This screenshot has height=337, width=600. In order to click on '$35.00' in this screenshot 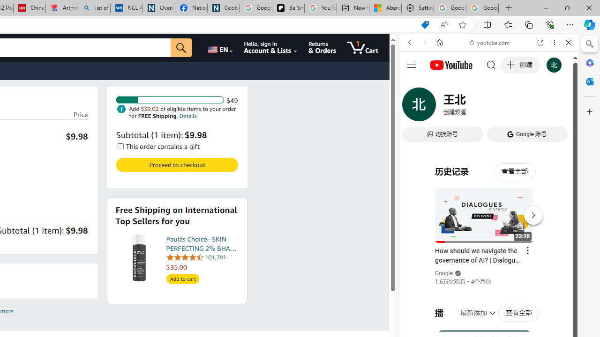, I will do `click(202, 267)`.